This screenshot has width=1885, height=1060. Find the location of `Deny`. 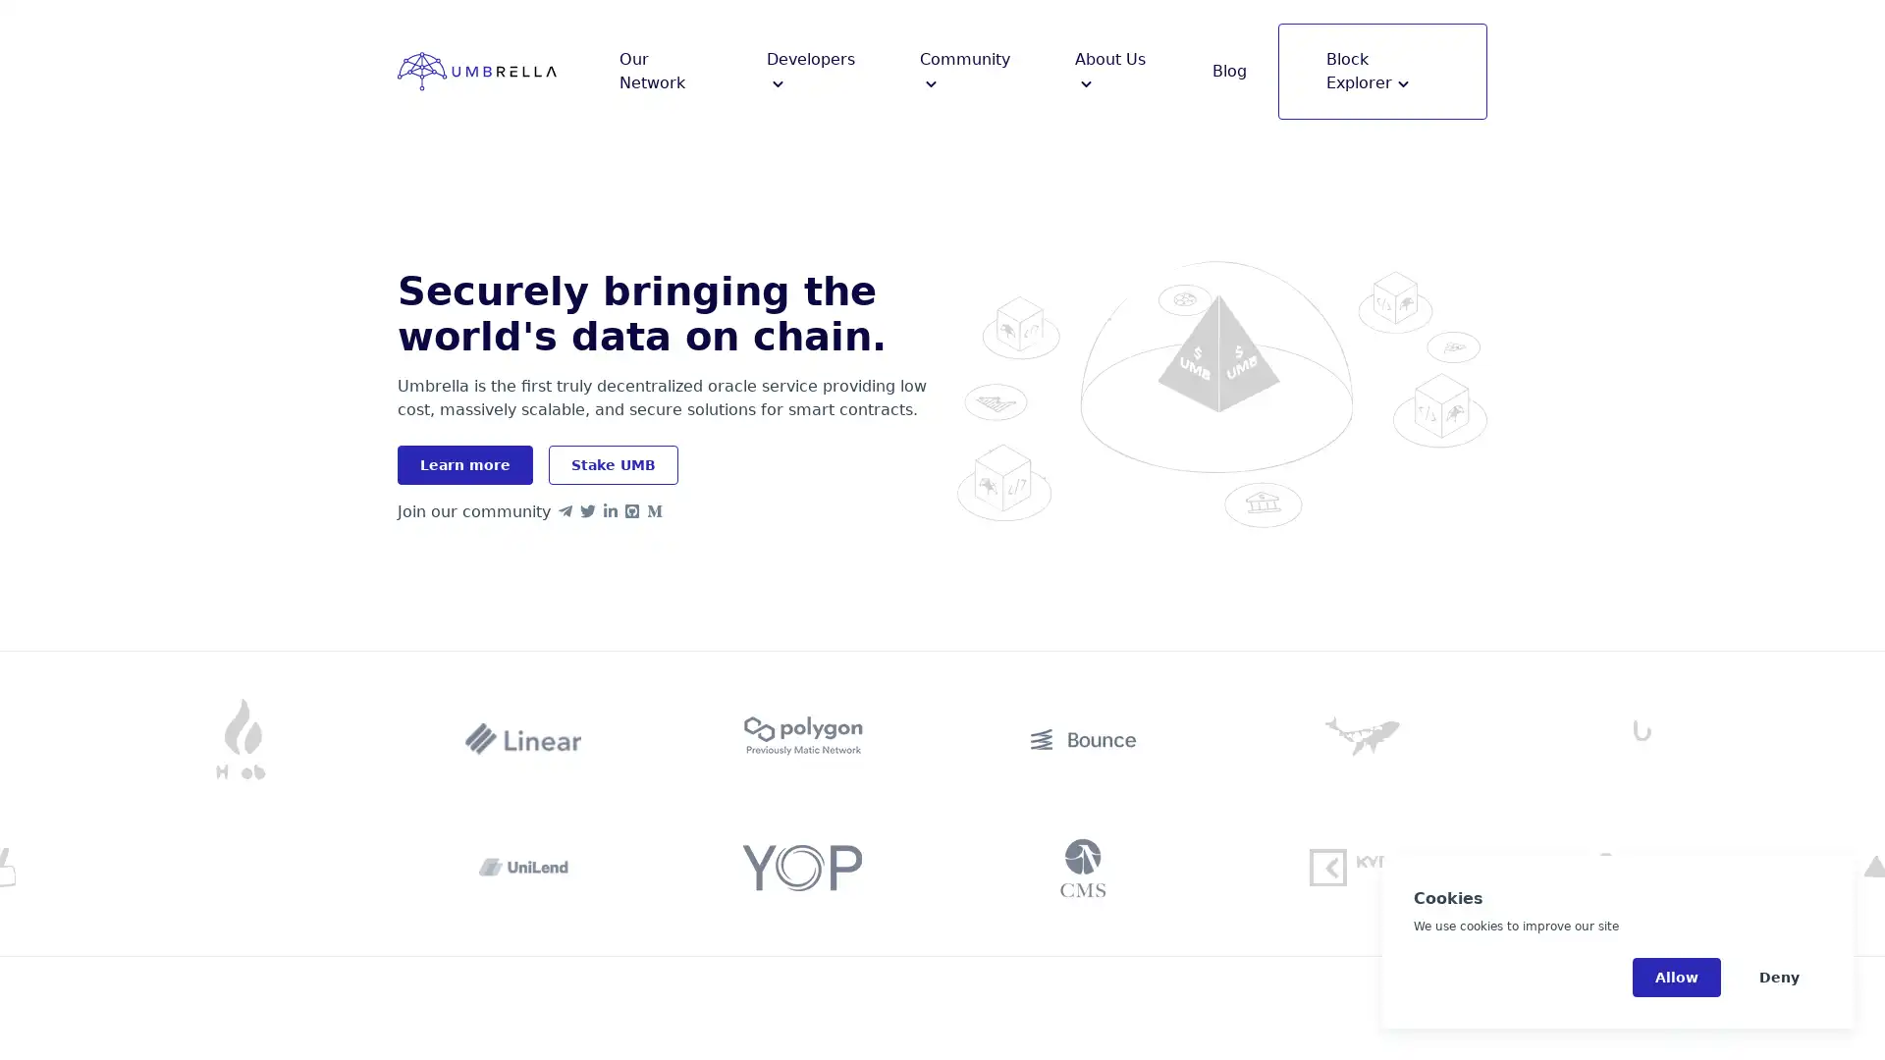

Deny is located at coordinates (1779, 977).